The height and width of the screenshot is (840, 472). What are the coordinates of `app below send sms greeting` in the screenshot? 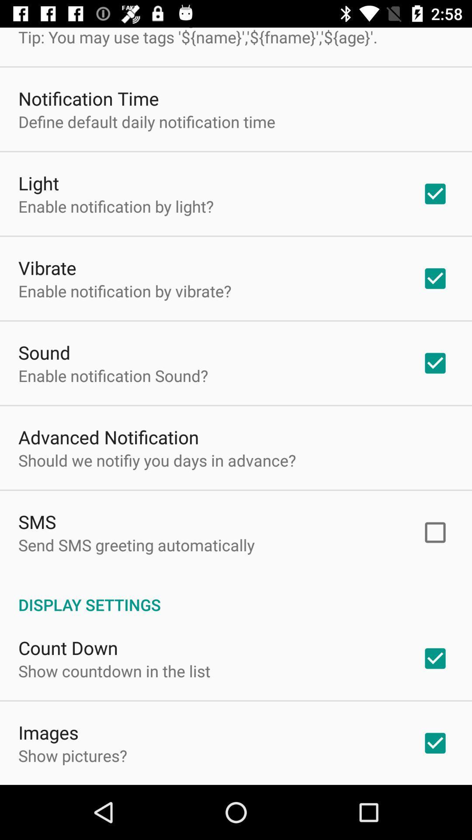 It's located at (236, 595).